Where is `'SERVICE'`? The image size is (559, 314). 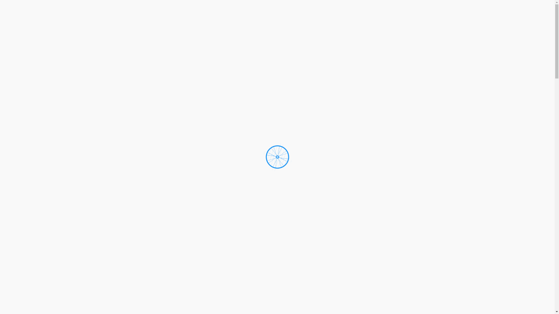
'SERVICE' is located at coordinates (384, 28).